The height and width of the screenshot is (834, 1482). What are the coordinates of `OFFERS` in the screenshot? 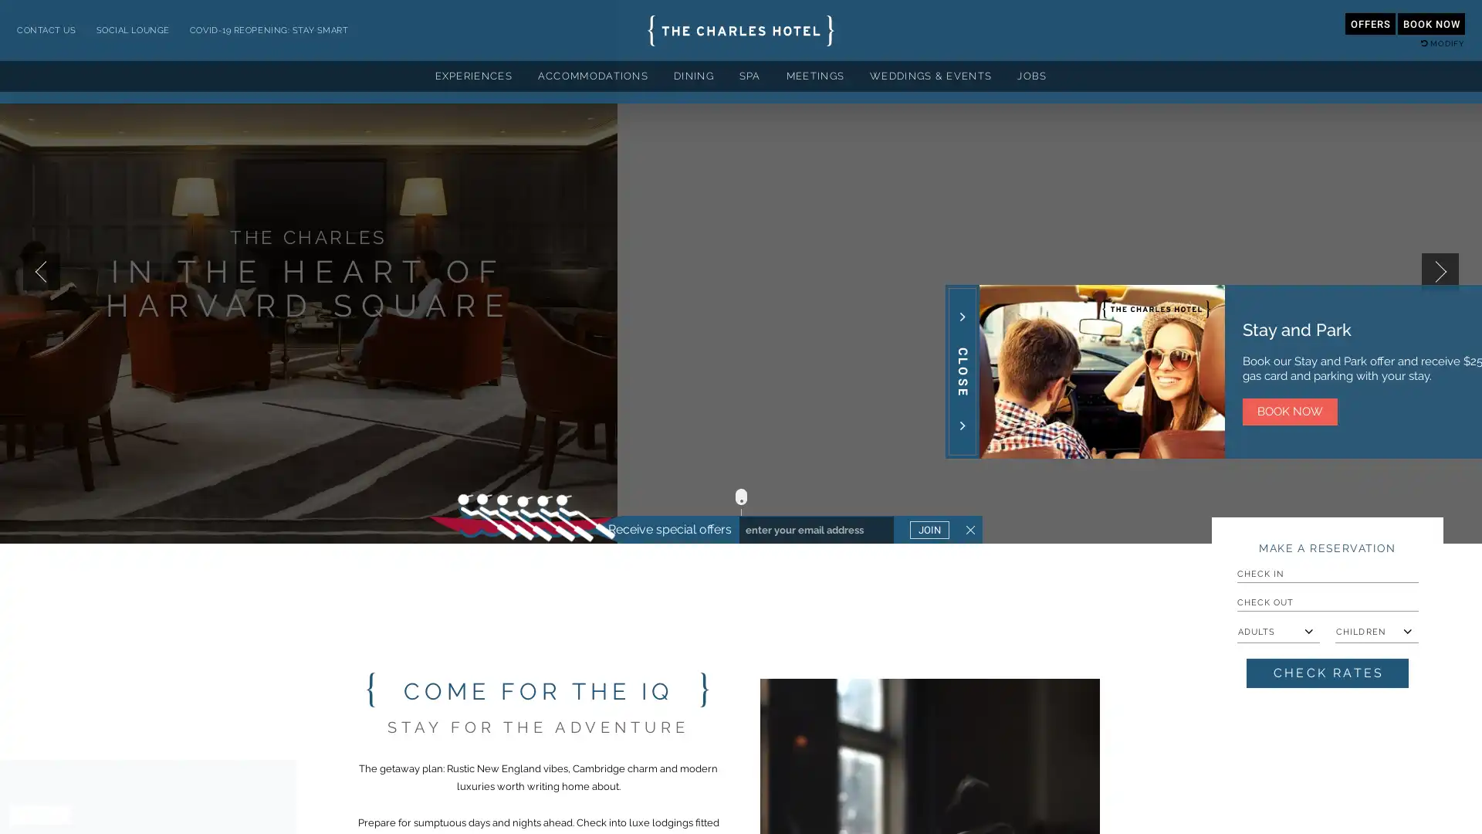 It's located at (1370, 23).